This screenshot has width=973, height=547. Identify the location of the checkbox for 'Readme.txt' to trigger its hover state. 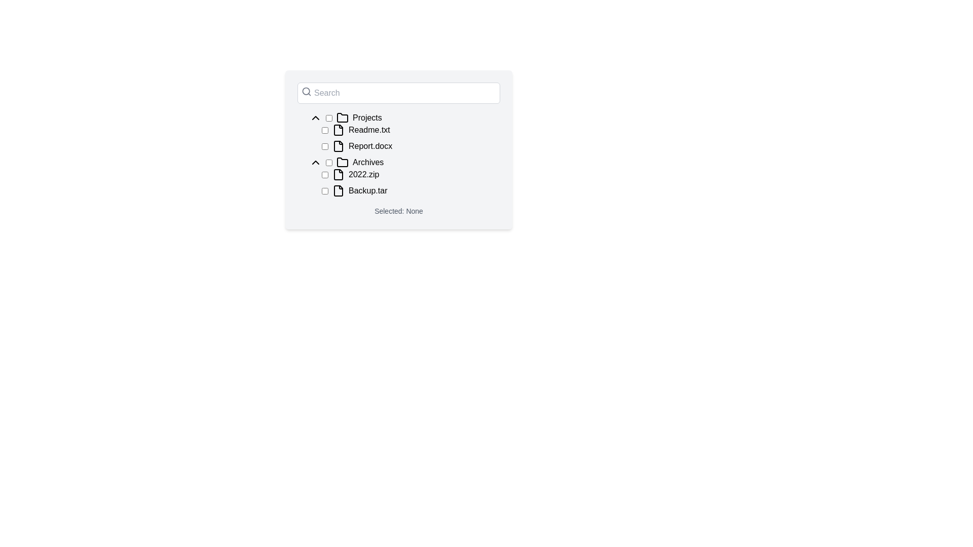
(325, 130).